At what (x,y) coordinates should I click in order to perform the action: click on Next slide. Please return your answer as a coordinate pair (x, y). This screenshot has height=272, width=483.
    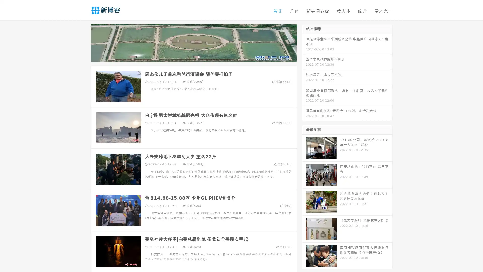
    Looking at the image, I should click on (304, 42).